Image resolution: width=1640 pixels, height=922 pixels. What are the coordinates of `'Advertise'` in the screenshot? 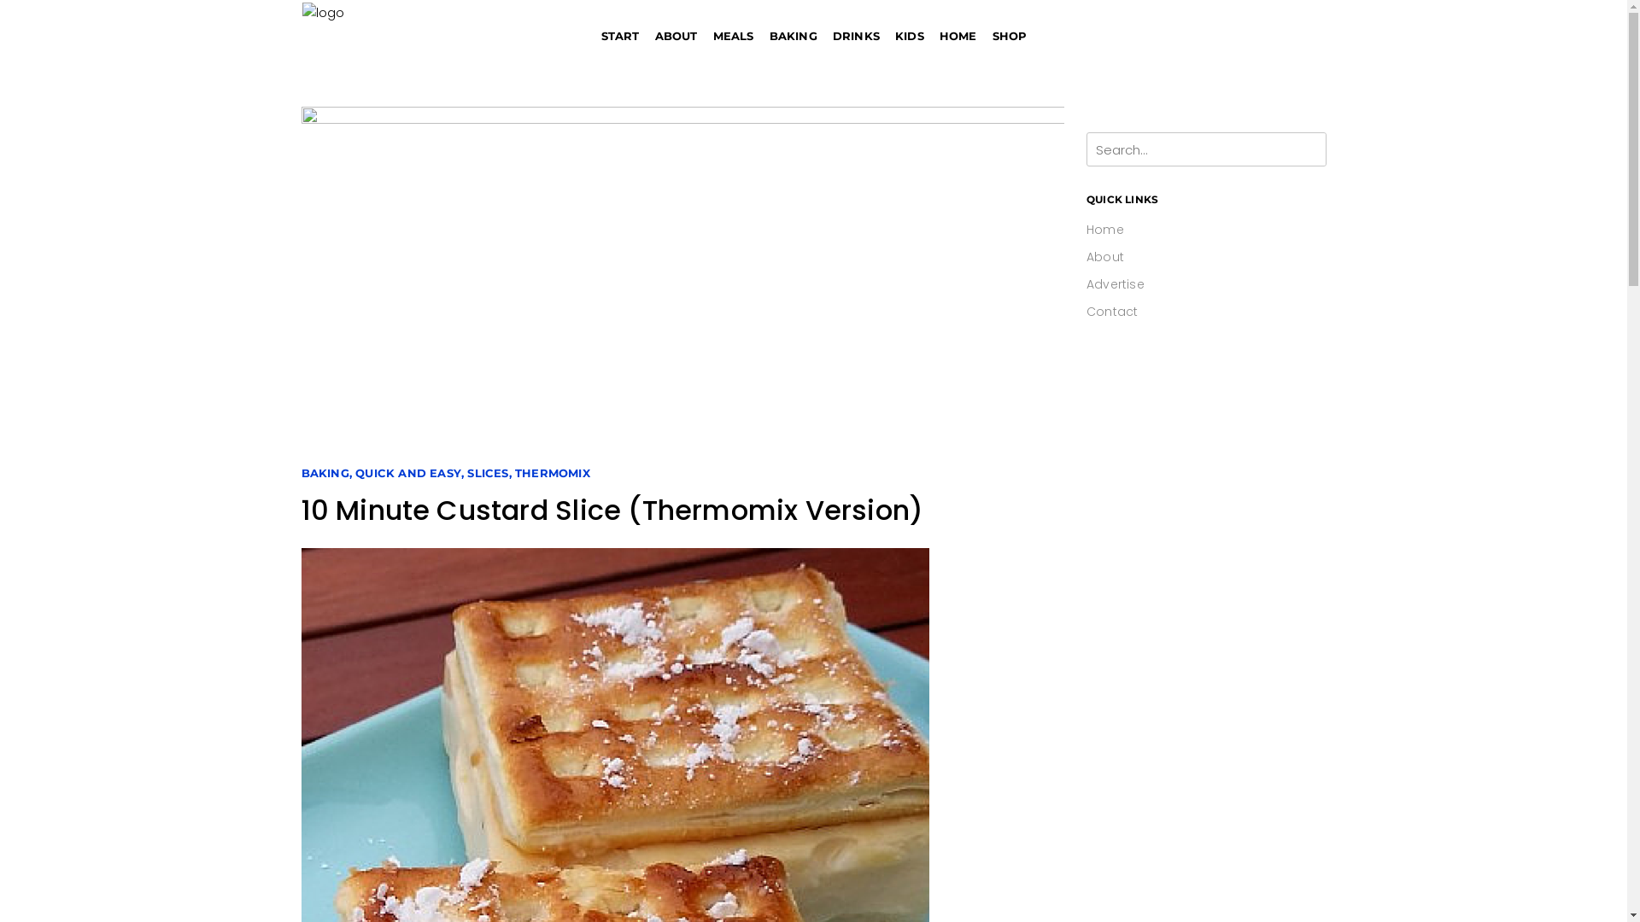 It's located at (1115, 283).